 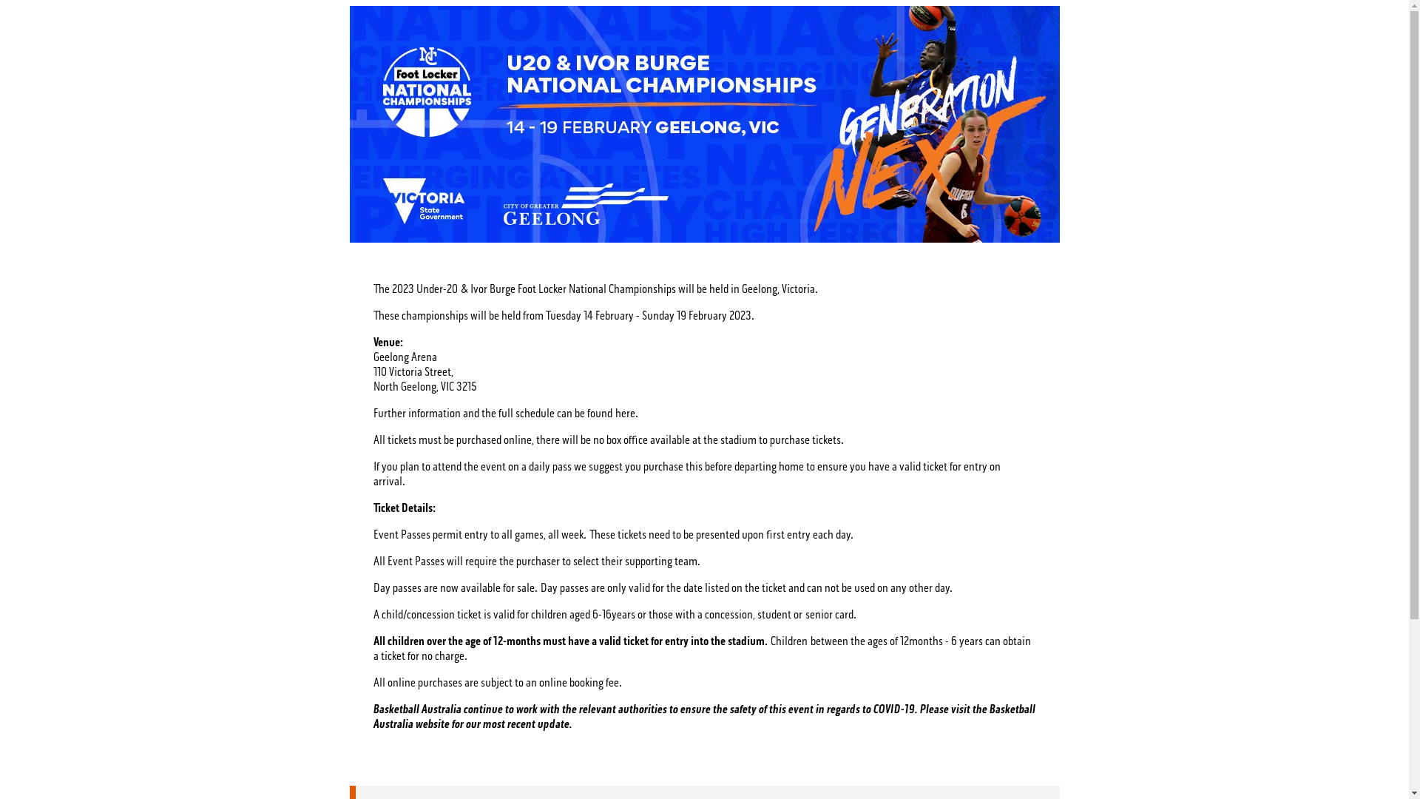 What do you see at coordinates (615, 414) in the screenshot?
I see `'here'` at bounding box center [615, 414].